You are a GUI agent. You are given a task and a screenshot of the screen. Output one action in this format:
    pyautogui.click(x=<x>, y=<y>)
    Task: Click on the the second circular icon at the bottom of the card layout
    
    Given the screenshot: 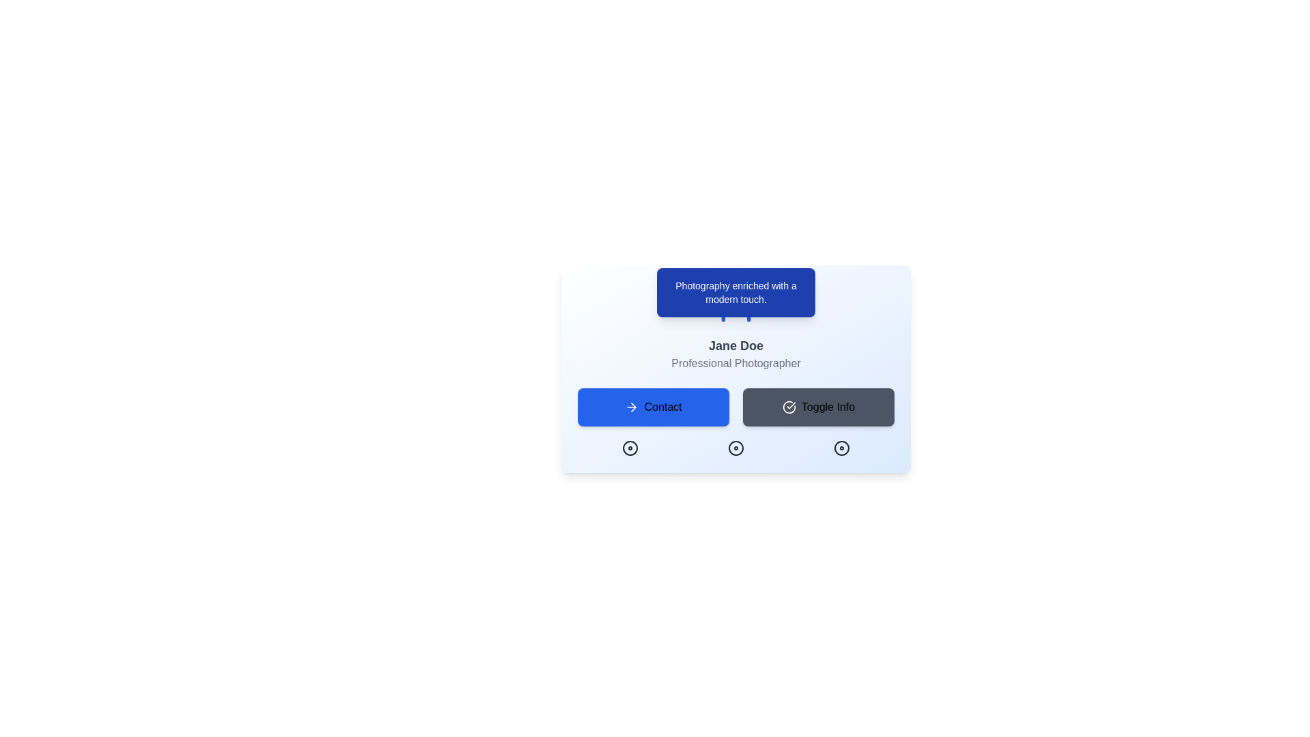 What is the action you would take?
    pyautogui.click(x=736, y=448)
    